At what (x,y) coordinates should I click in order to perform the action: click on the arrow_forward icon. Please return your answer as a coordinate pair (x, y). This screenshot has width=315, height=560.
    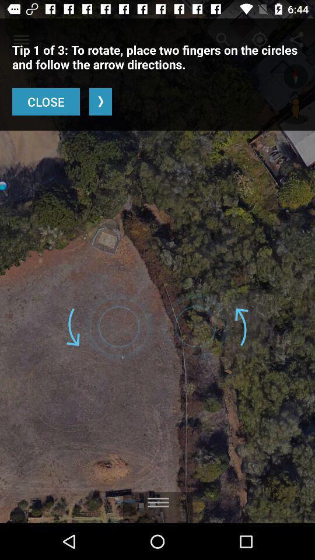
    Looking at the image, I should click on (100, 101).